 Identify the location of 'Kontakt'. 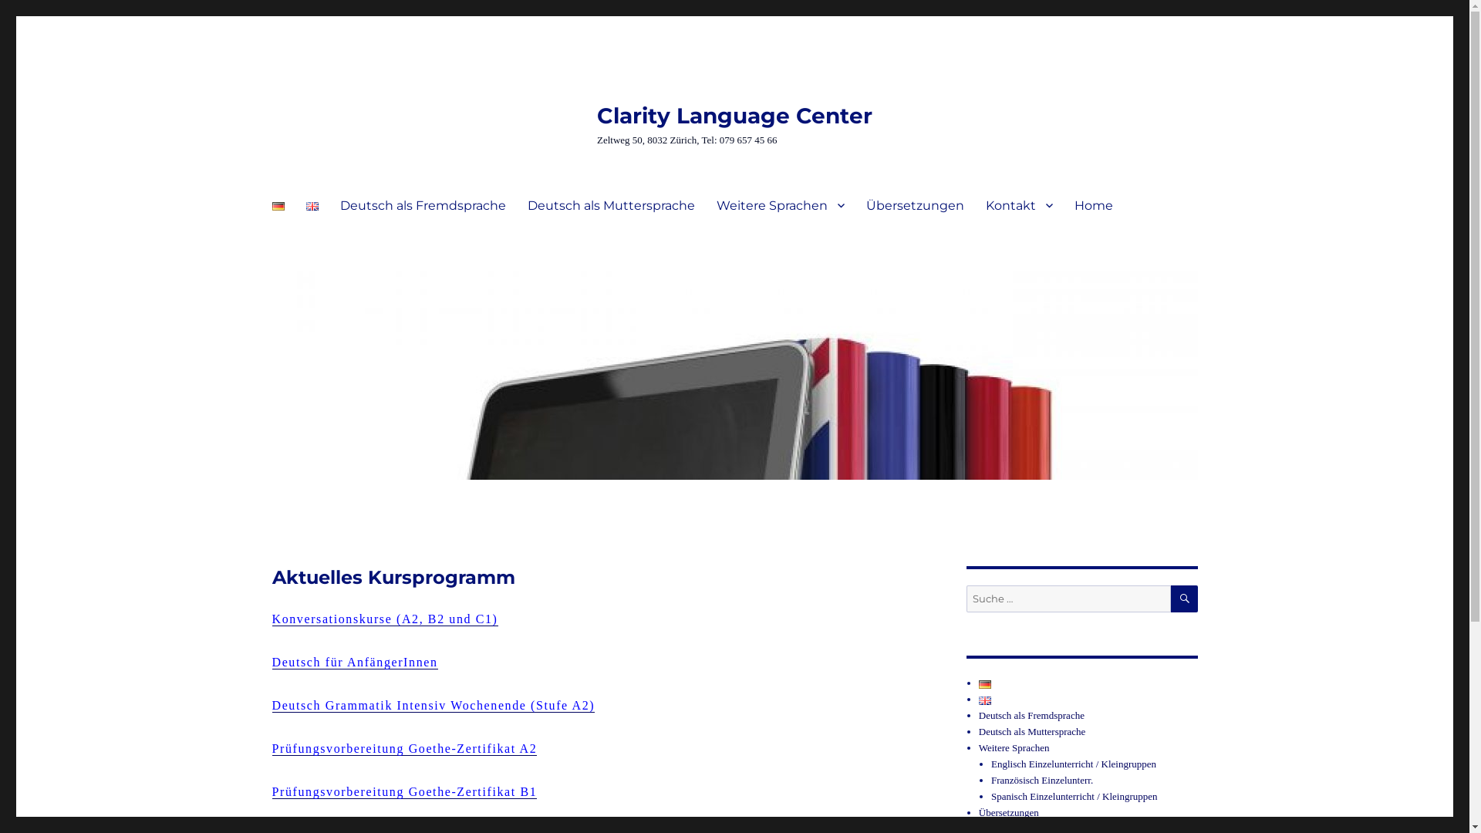
(1019, 204).